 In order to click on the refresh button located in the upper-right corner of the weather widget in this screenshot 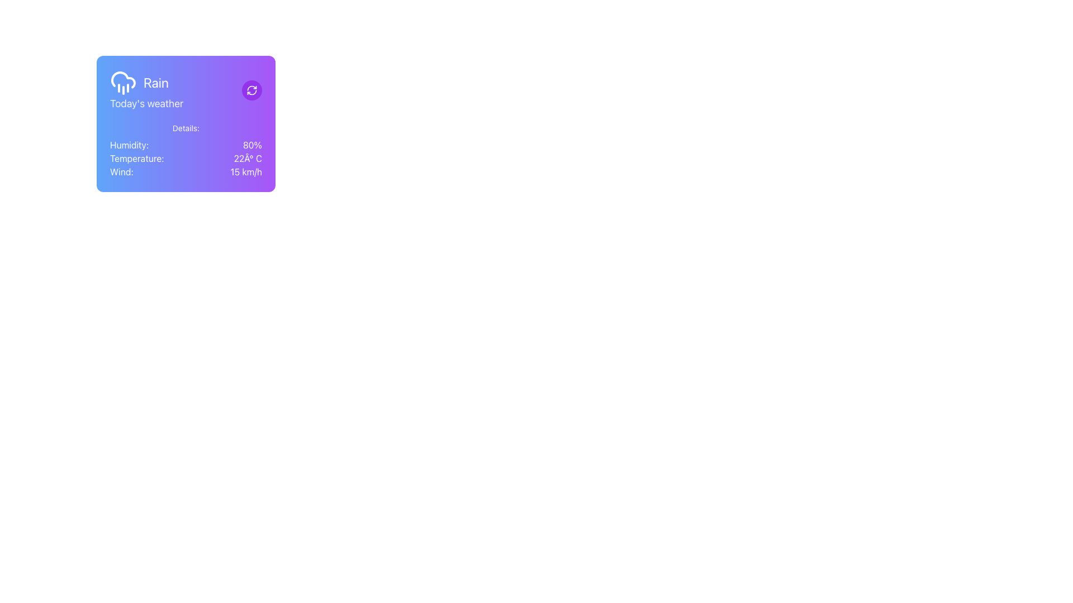, I will do `click(251, 90)`.